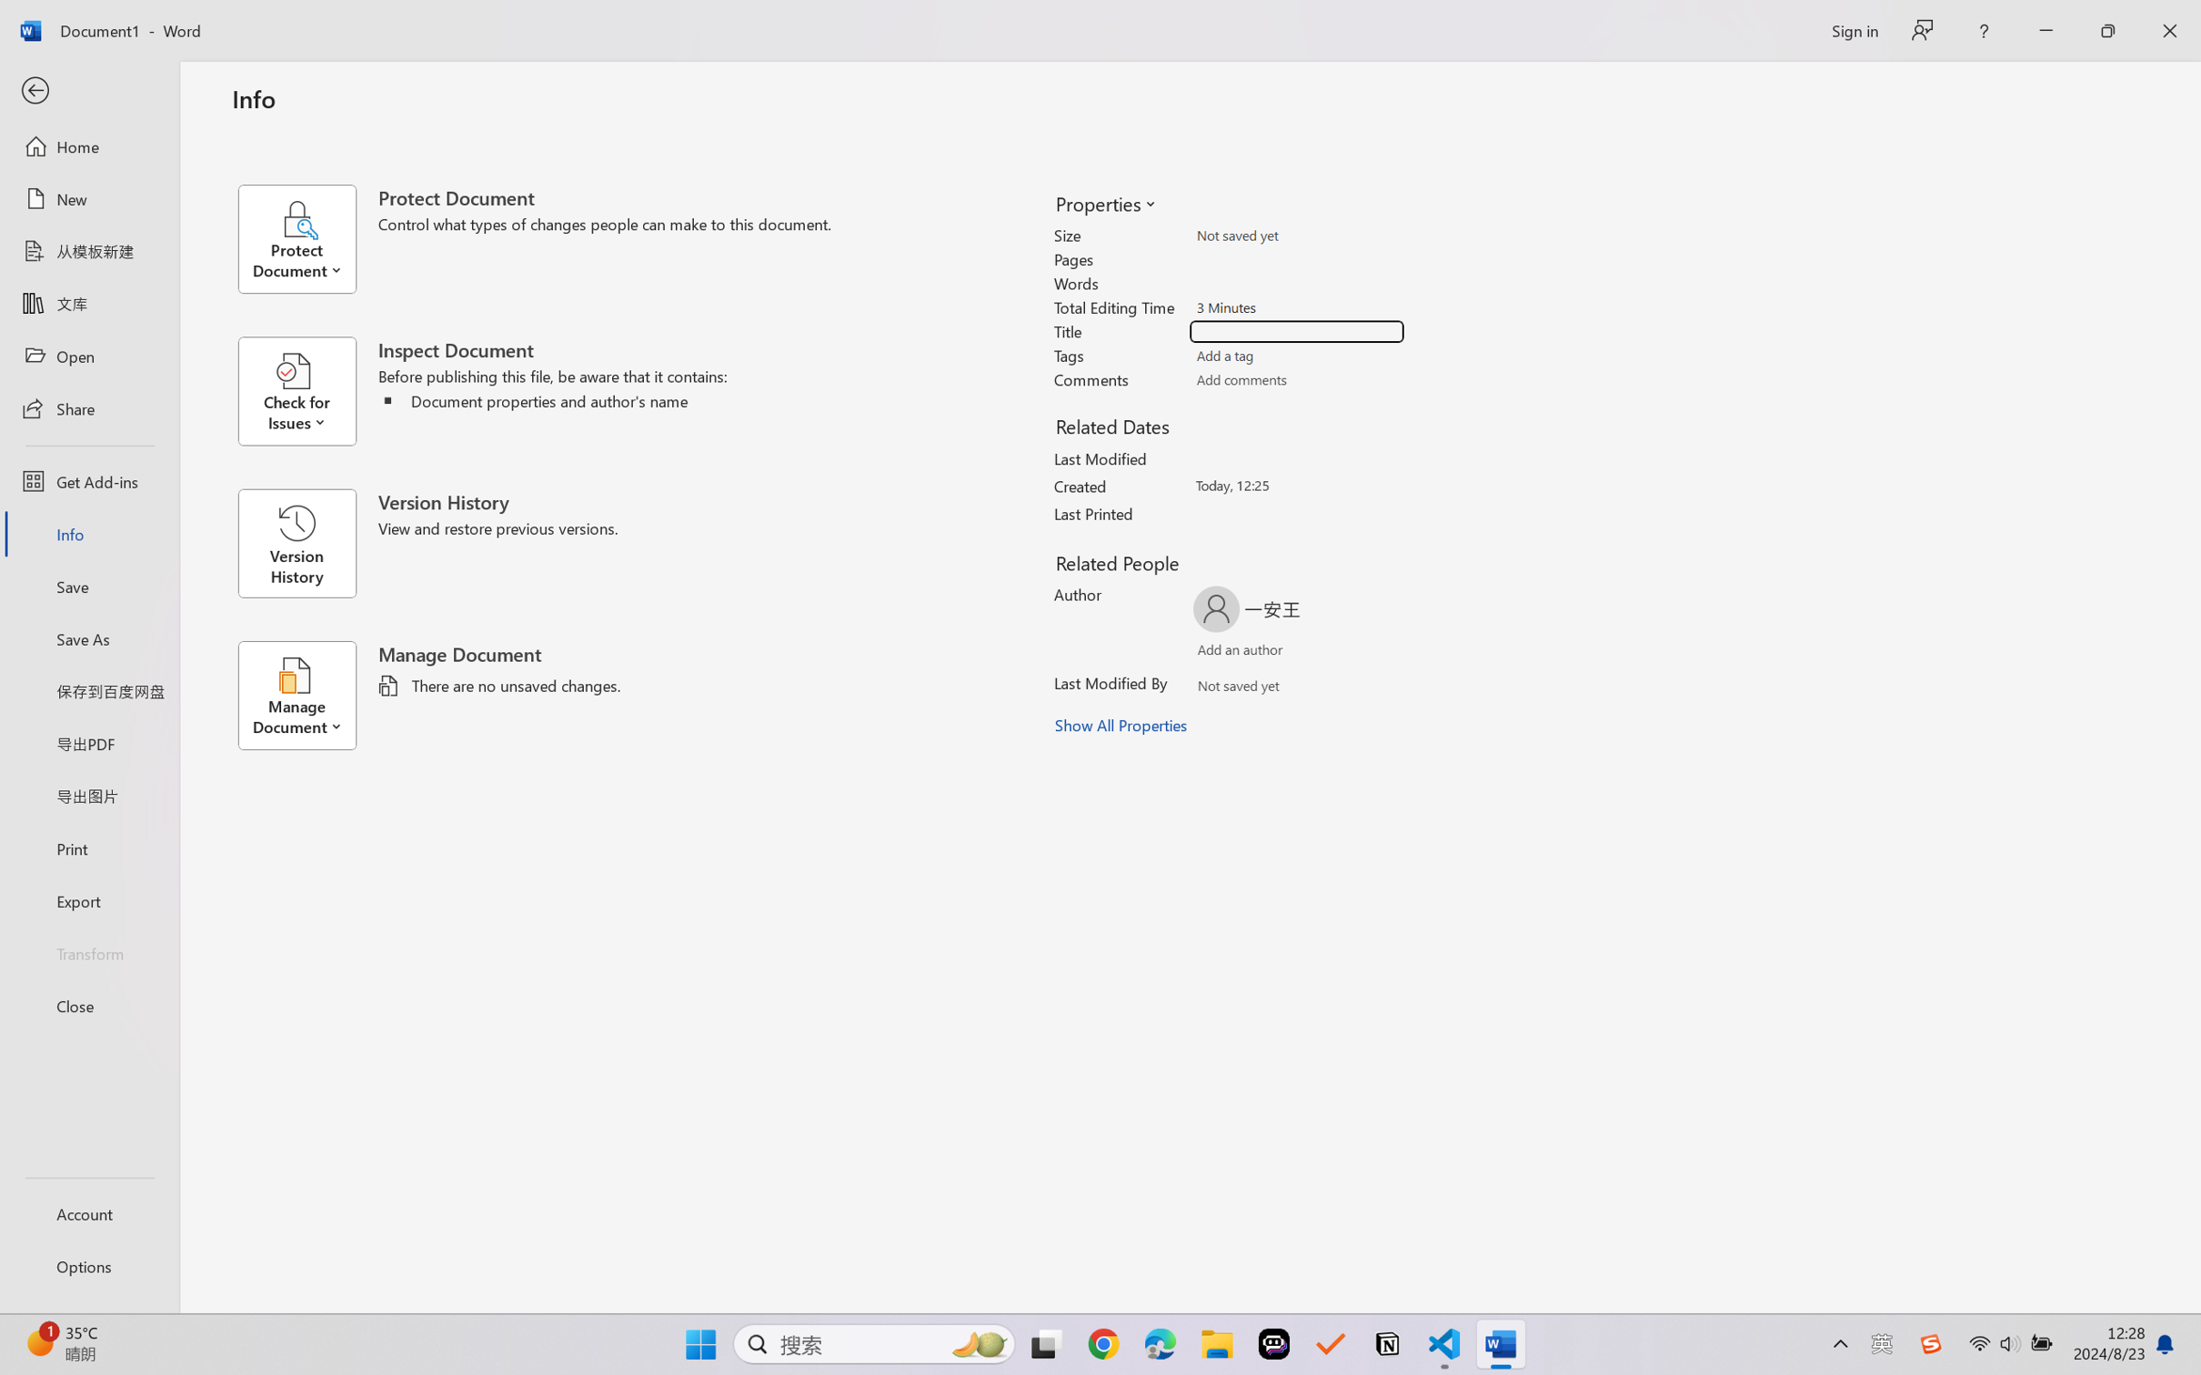 Image resolution: width=2201 pixels, height=1375 pixels. Describe the element at coordinates (1297, 331) in the screenshot. I see `'Title'` at that location.